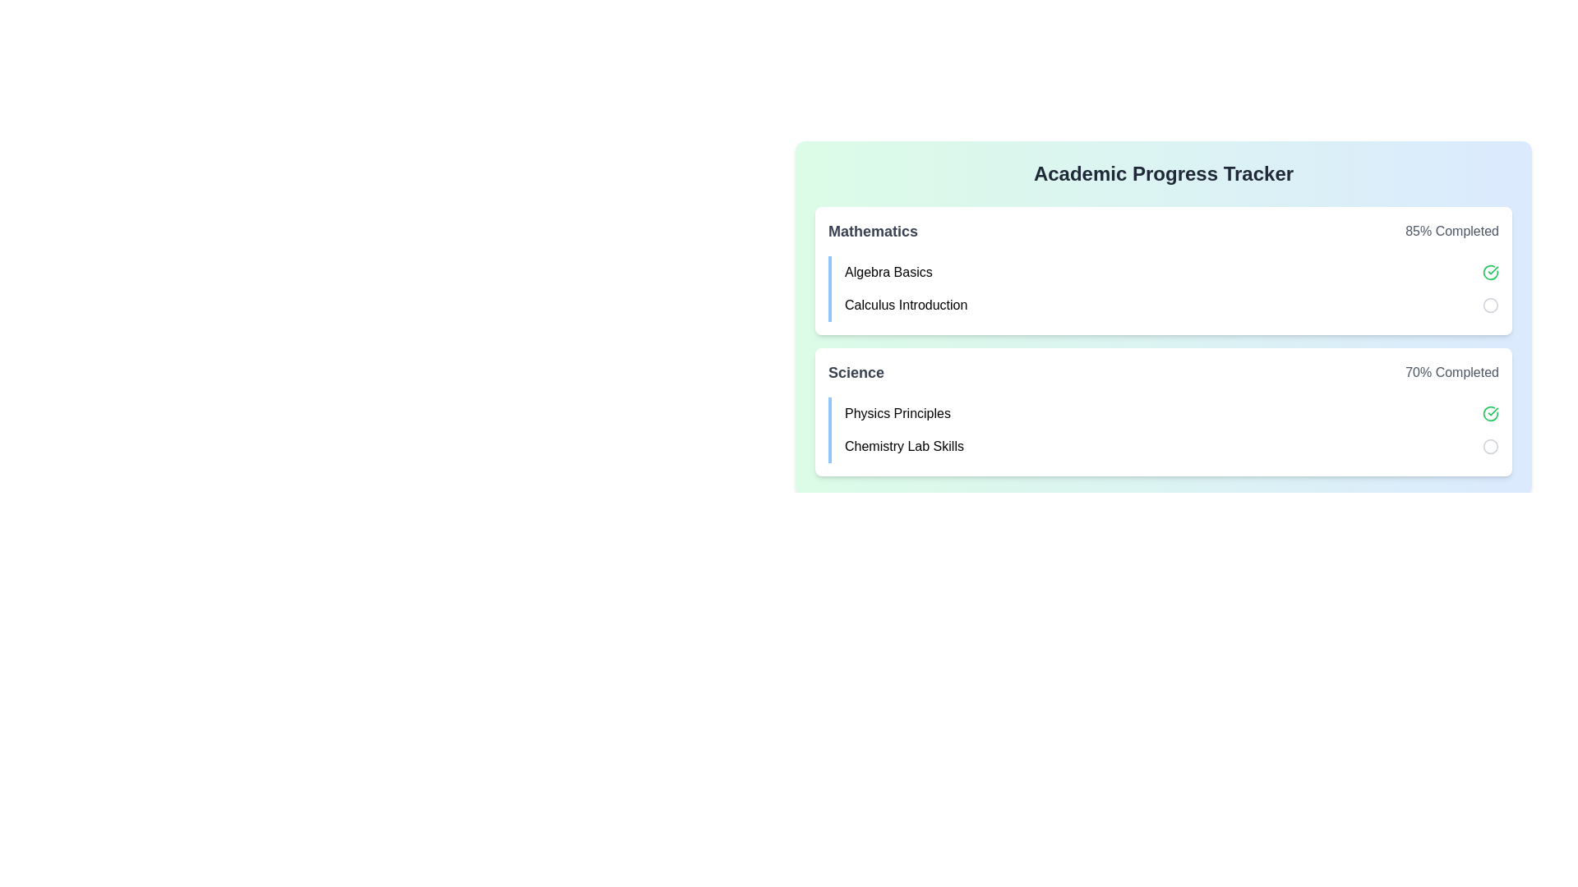 The width and height of the screenshot is (1578, 887). I want to click on text label indicating 'Science' in the second horizontal row of the 'Academic Progress Tracker' interface, which serves as a header for the row, so click(855, 373).